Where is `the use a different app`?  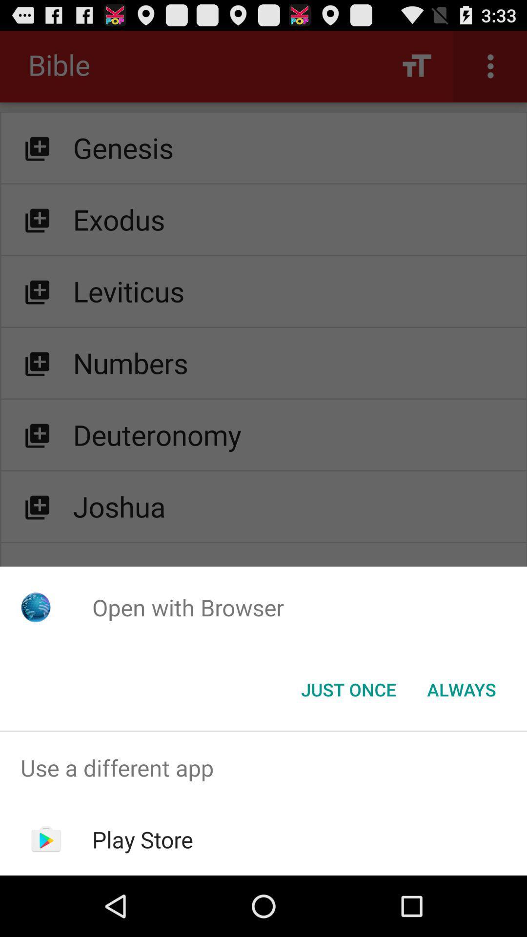
the use a different app is located at coordinates (263, 767).